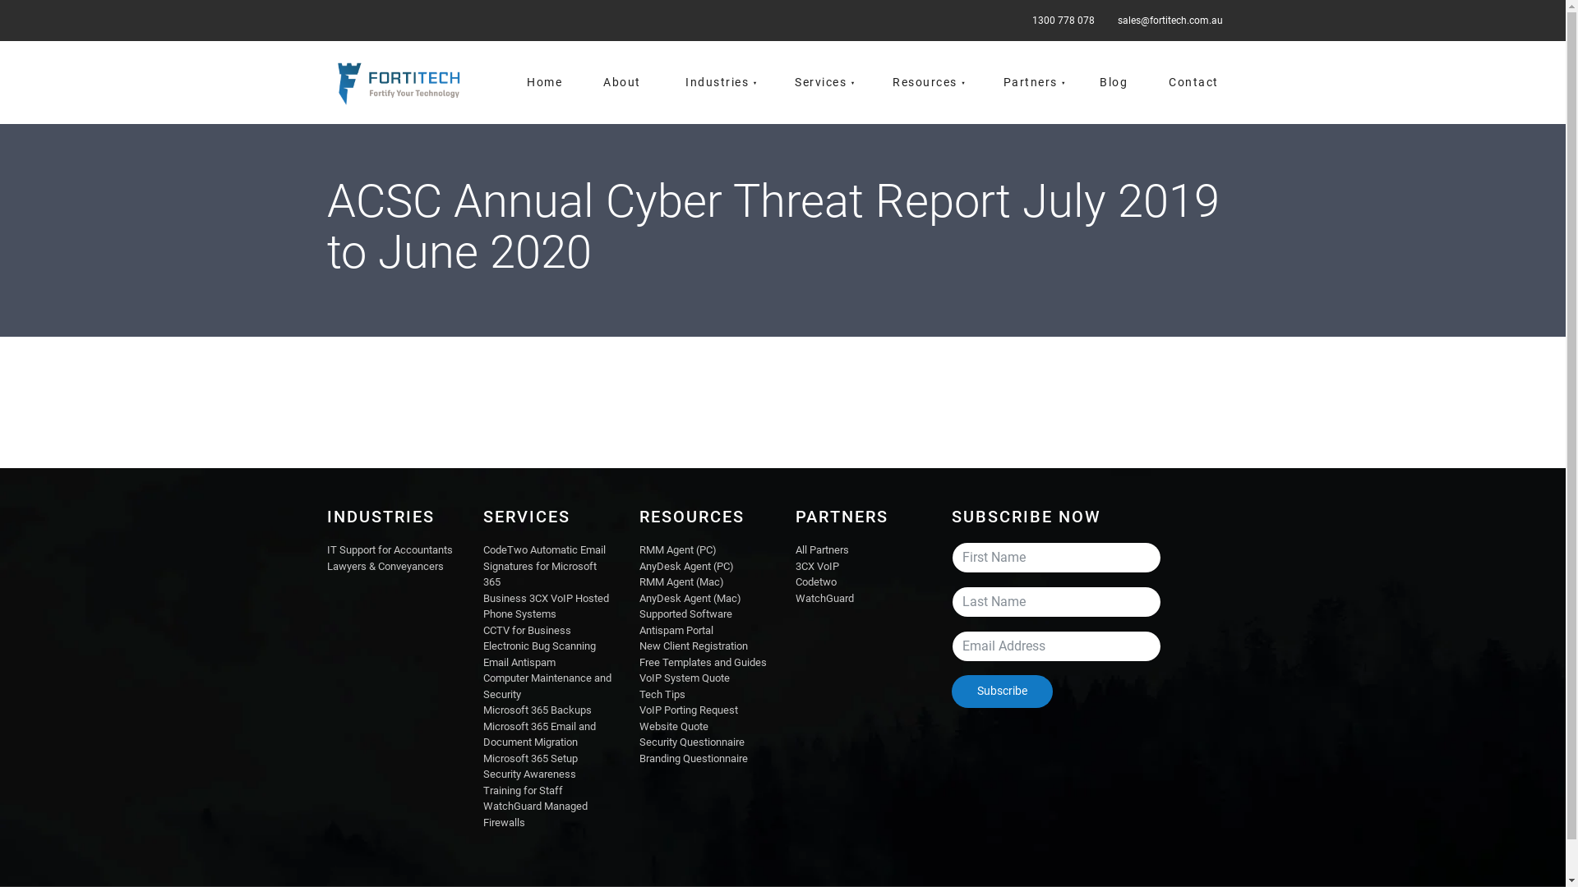 The width and height of the screenshot is (1578, 887). What do you see at coordinates (527, 629) in the screenshot?
I see `'CCTV for Business'` at bounding box center [527, 629].